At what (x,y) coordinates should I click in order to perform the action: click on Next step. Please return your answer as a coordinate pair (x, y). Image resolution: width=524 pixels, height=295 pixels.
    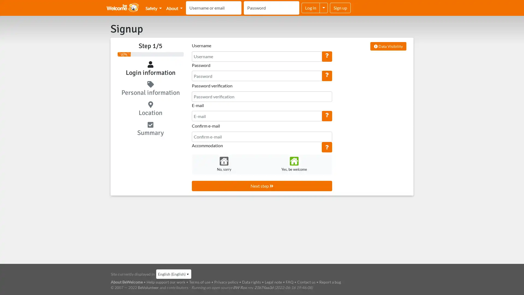
    Looking at the image, I should click on (261, 185).